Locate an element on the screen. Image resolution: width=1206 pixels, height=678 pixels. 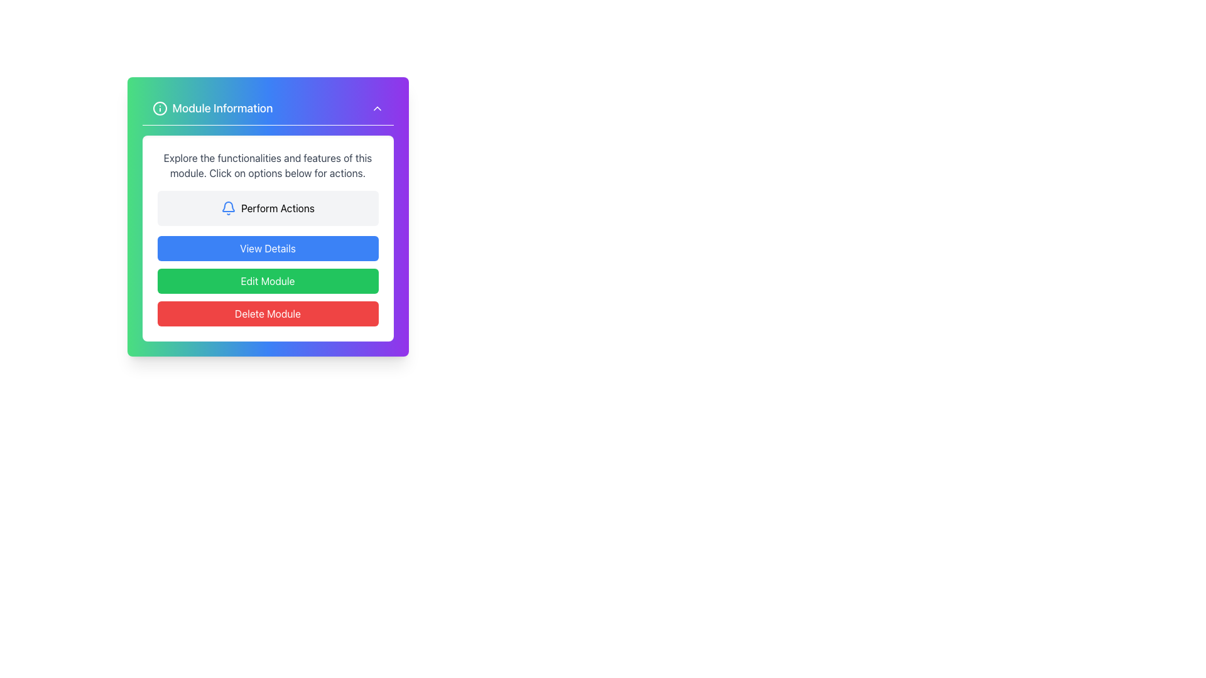
the delete button located at the bottom of the 'Module Information' dialog box to observe its hover effects is located at coordinates (267, 313).